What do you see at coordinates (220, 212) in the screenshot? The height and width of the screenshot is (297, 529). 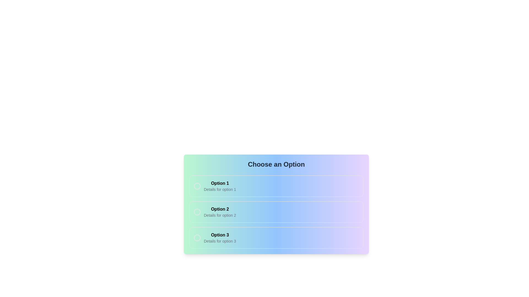 I see `the text element displaying the title and description of 'Option 2' in the list of selectable options` at bounding box center [220, 212].